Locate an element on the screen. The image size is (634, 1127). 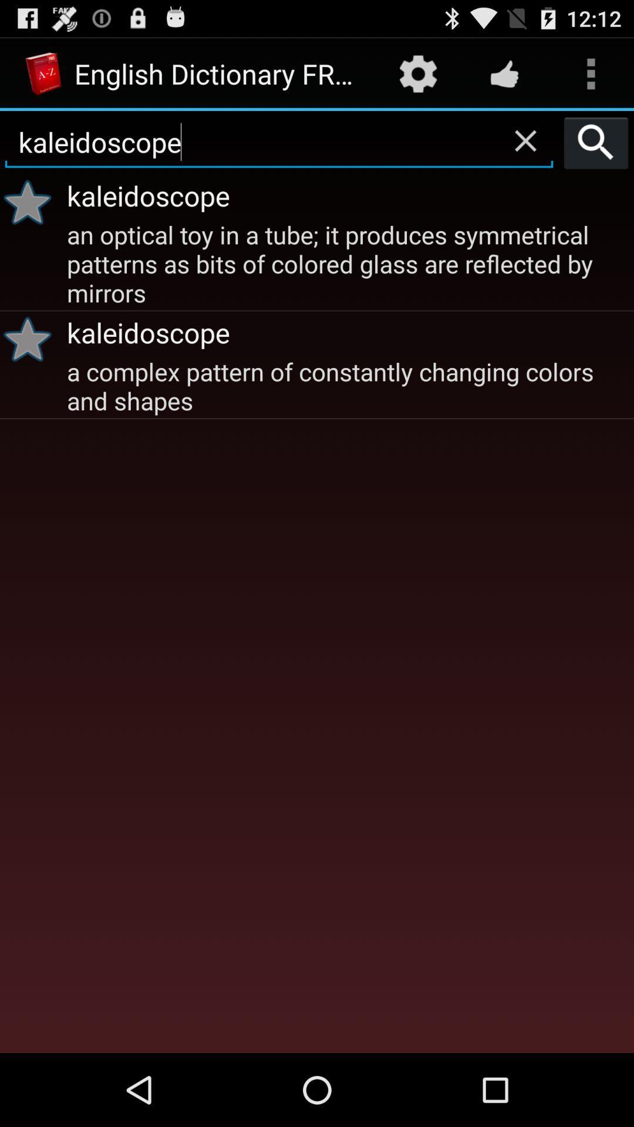
the close icon is located at coordinates (525, 150).